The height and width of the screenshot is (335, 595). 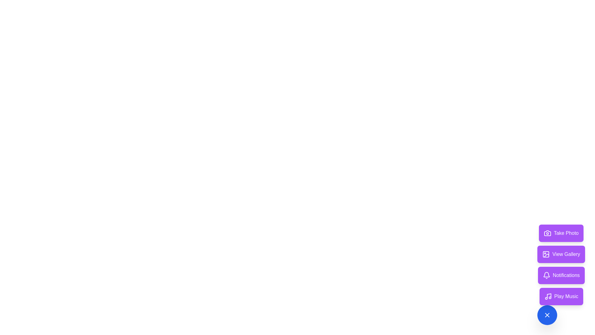 What do you see at coordinates (566, 254) in the screenshot?
I see `the 'View Gallery' button, which is the second button in a vertical list of four, styled with white text on a purple background` at bounding box center [566, 254].